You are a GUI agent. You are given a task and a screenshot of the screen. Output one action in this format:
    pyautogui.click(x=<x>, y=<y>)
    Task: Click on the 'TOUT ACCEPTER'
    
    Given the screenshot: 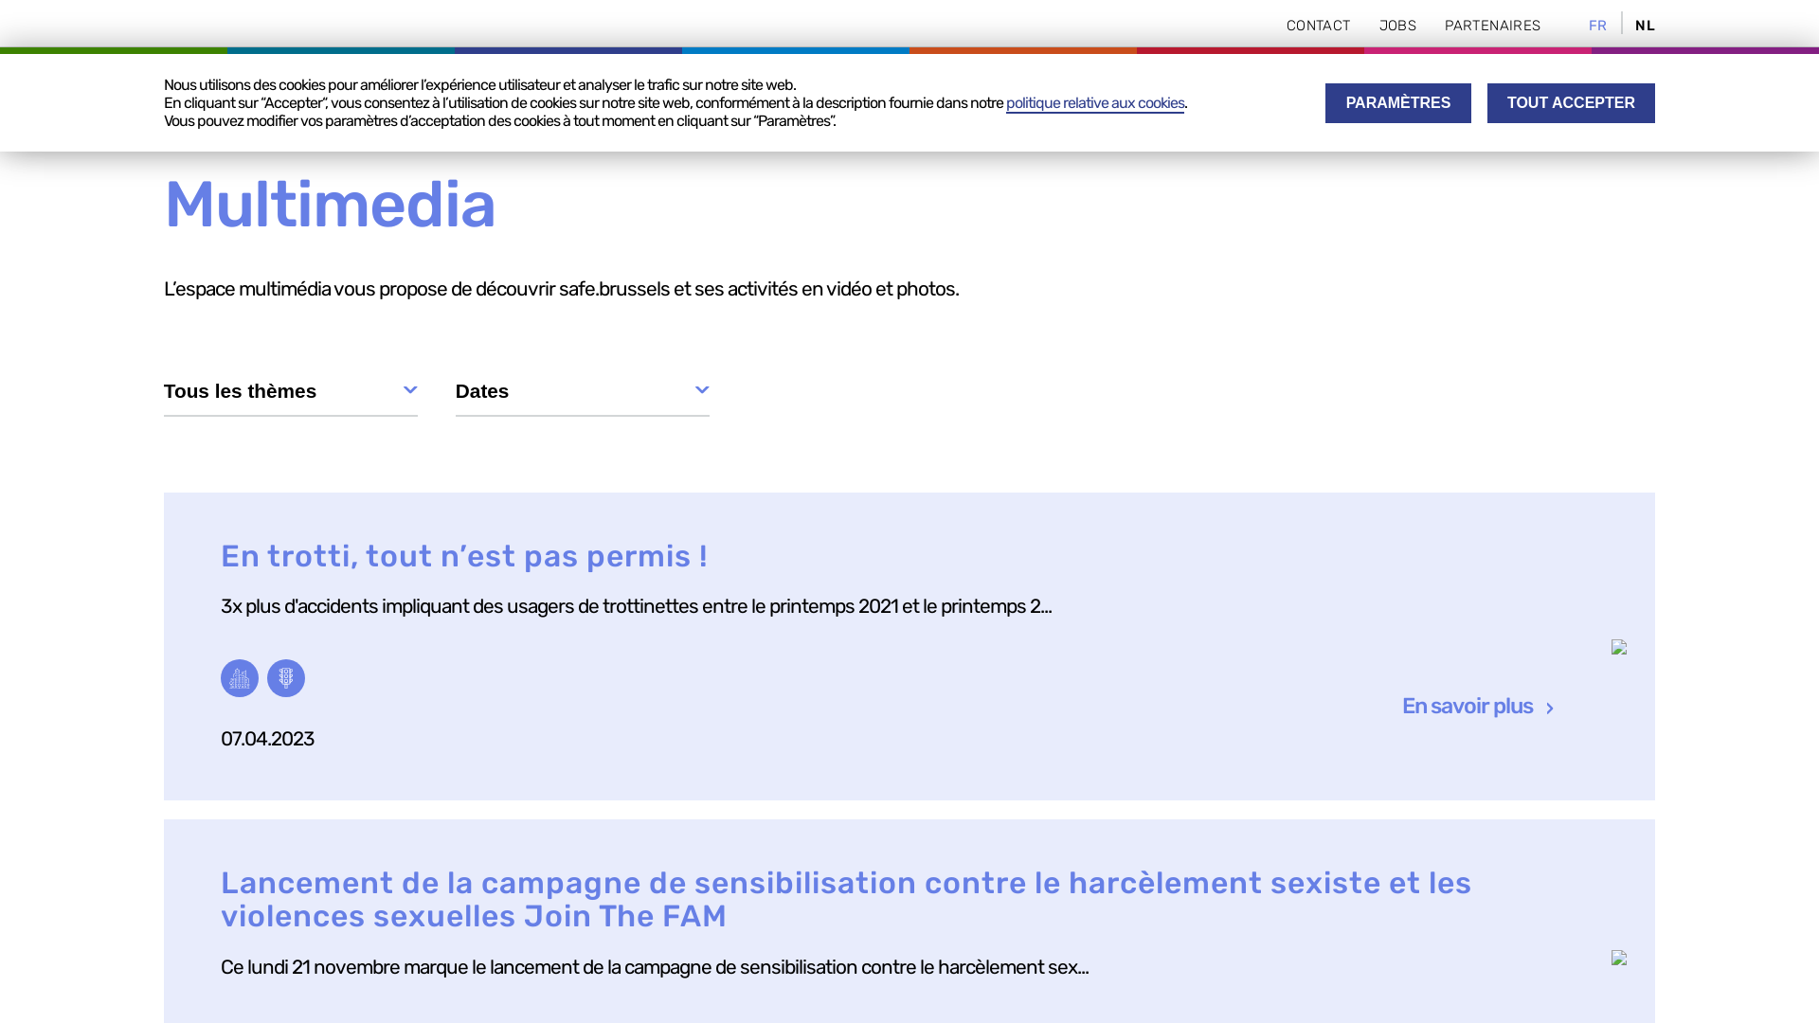 What is the action you would take?
    pyautogui.click(x=1486, y=102)
    